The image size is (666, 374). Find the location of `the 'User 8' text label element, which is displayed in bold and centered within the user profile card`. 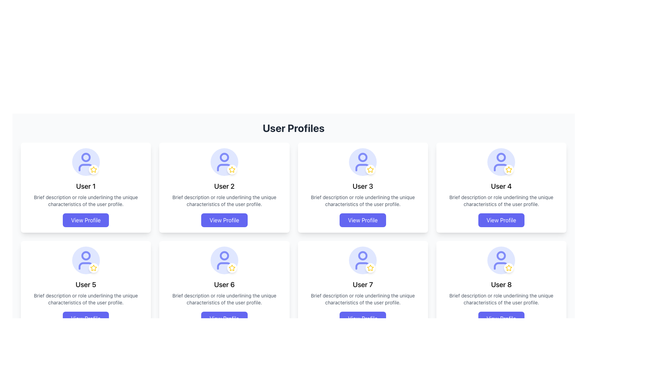

the 'User 8' text label element, which is displayed in bold and centered within the user profile card is located at coordinates (501, 284).